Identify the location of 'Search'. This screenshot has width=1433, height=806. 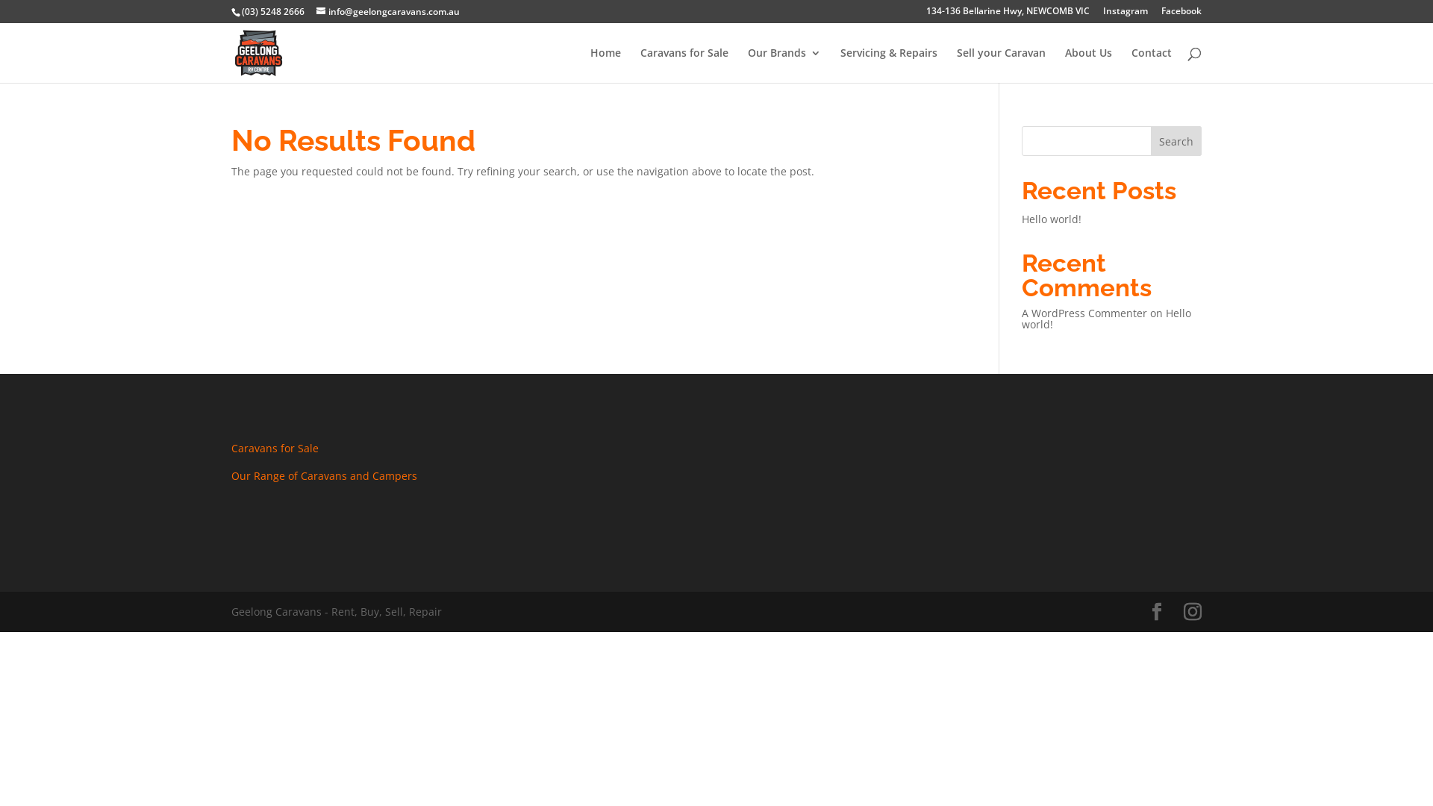
(1149, 141).